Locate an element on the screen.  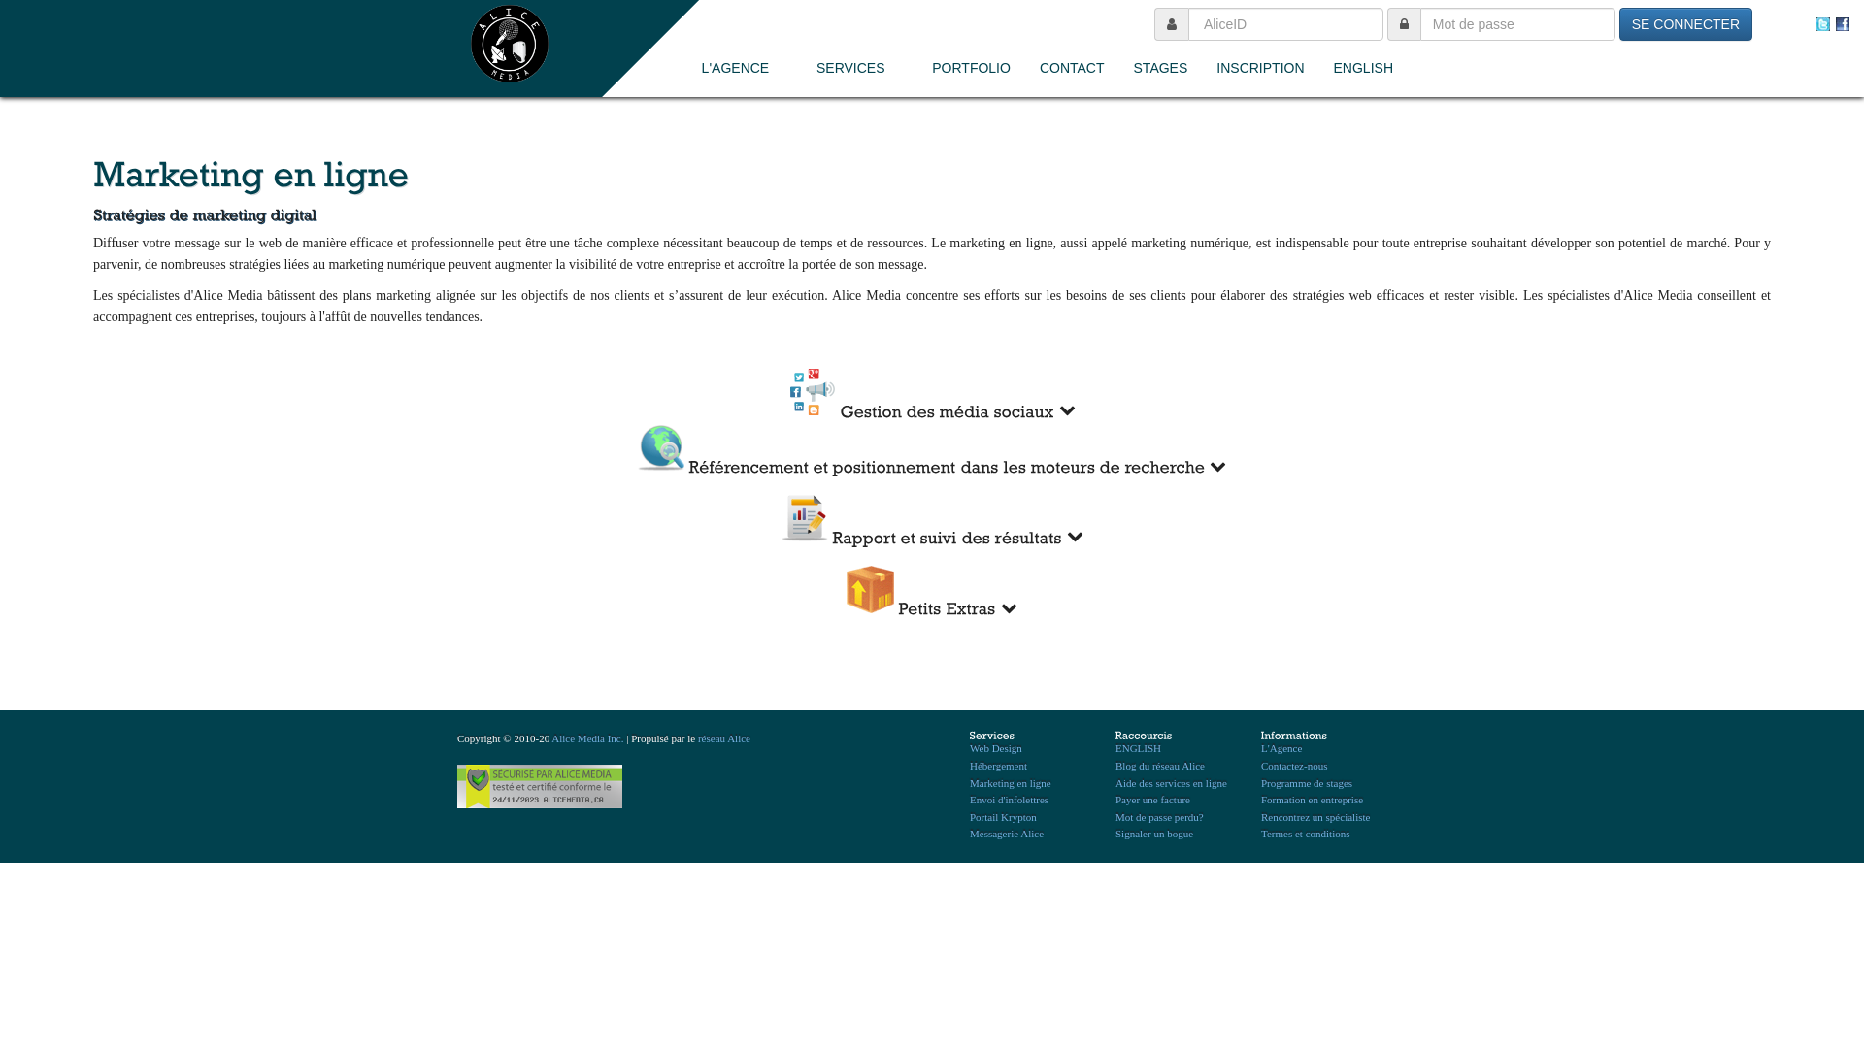
'Contactez-nous' is located at coordinates (1294, 765).